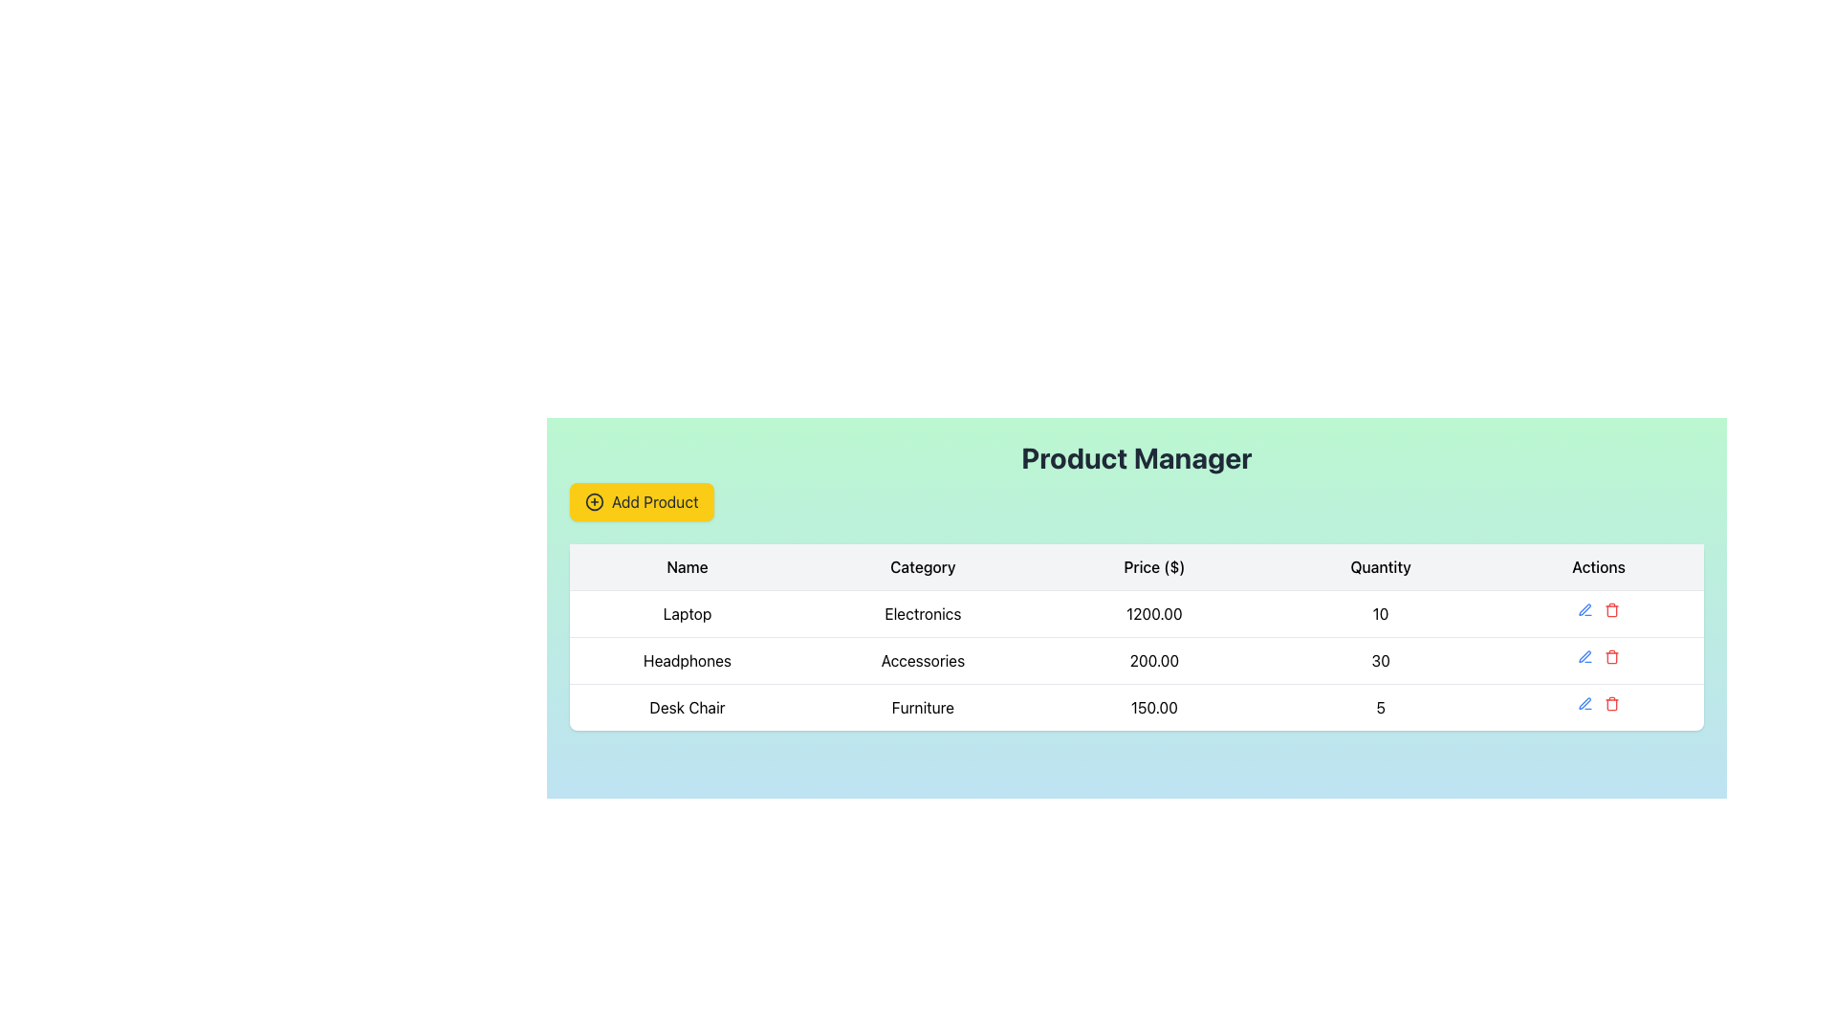 The height and width of the screenshot is (1033, 1836). Describe the element at coordinates (594, 500) in the screenshot. I see `the circular component of the 'Add Product' icon, which is positioned above the product table` at that location.